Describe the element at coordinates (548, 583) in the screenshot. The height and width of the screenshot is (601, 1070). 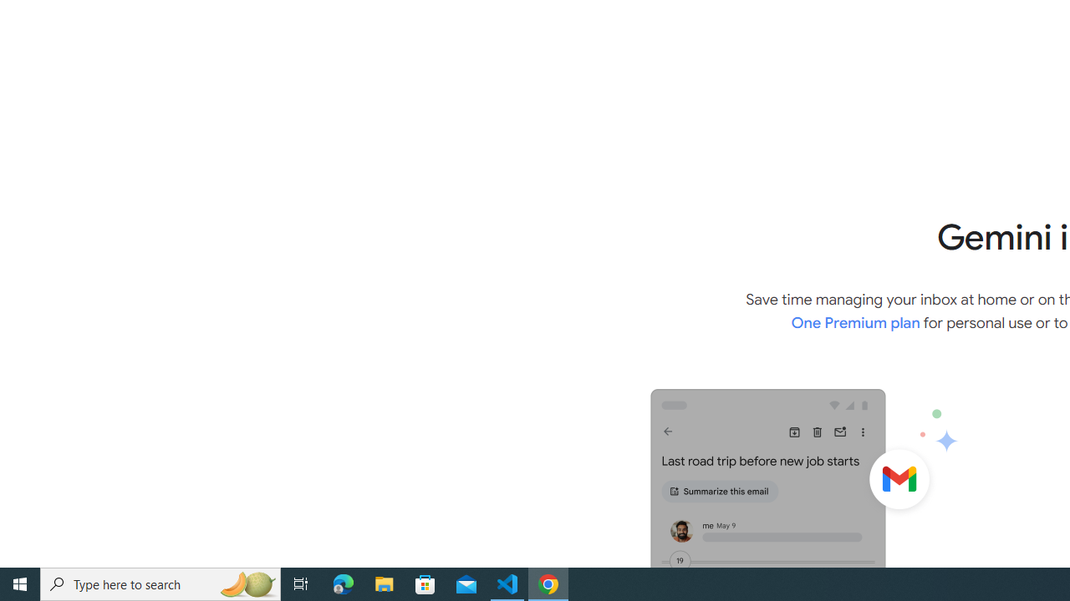
I see `'Google Chrome - 1 running window'` at that location.